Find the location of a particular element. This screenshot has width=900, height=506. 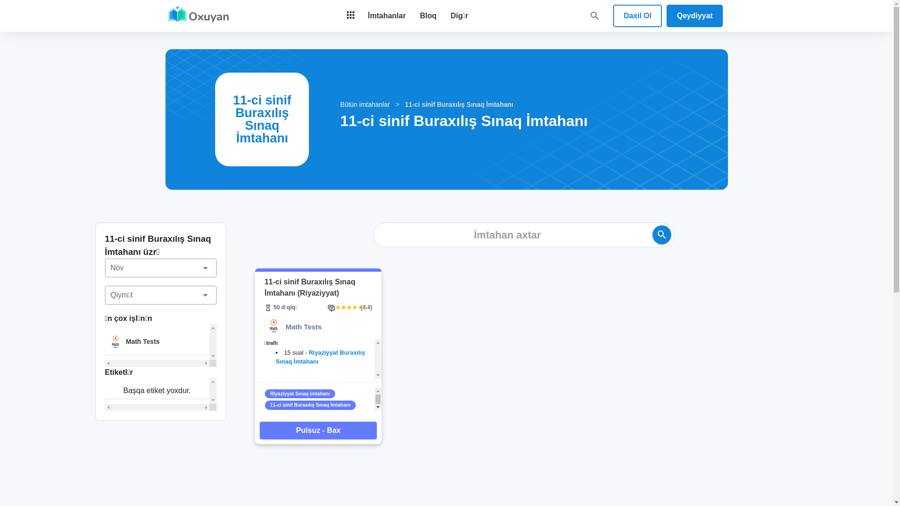

'Qeydiyyat' is located at coordinates (666, 16).